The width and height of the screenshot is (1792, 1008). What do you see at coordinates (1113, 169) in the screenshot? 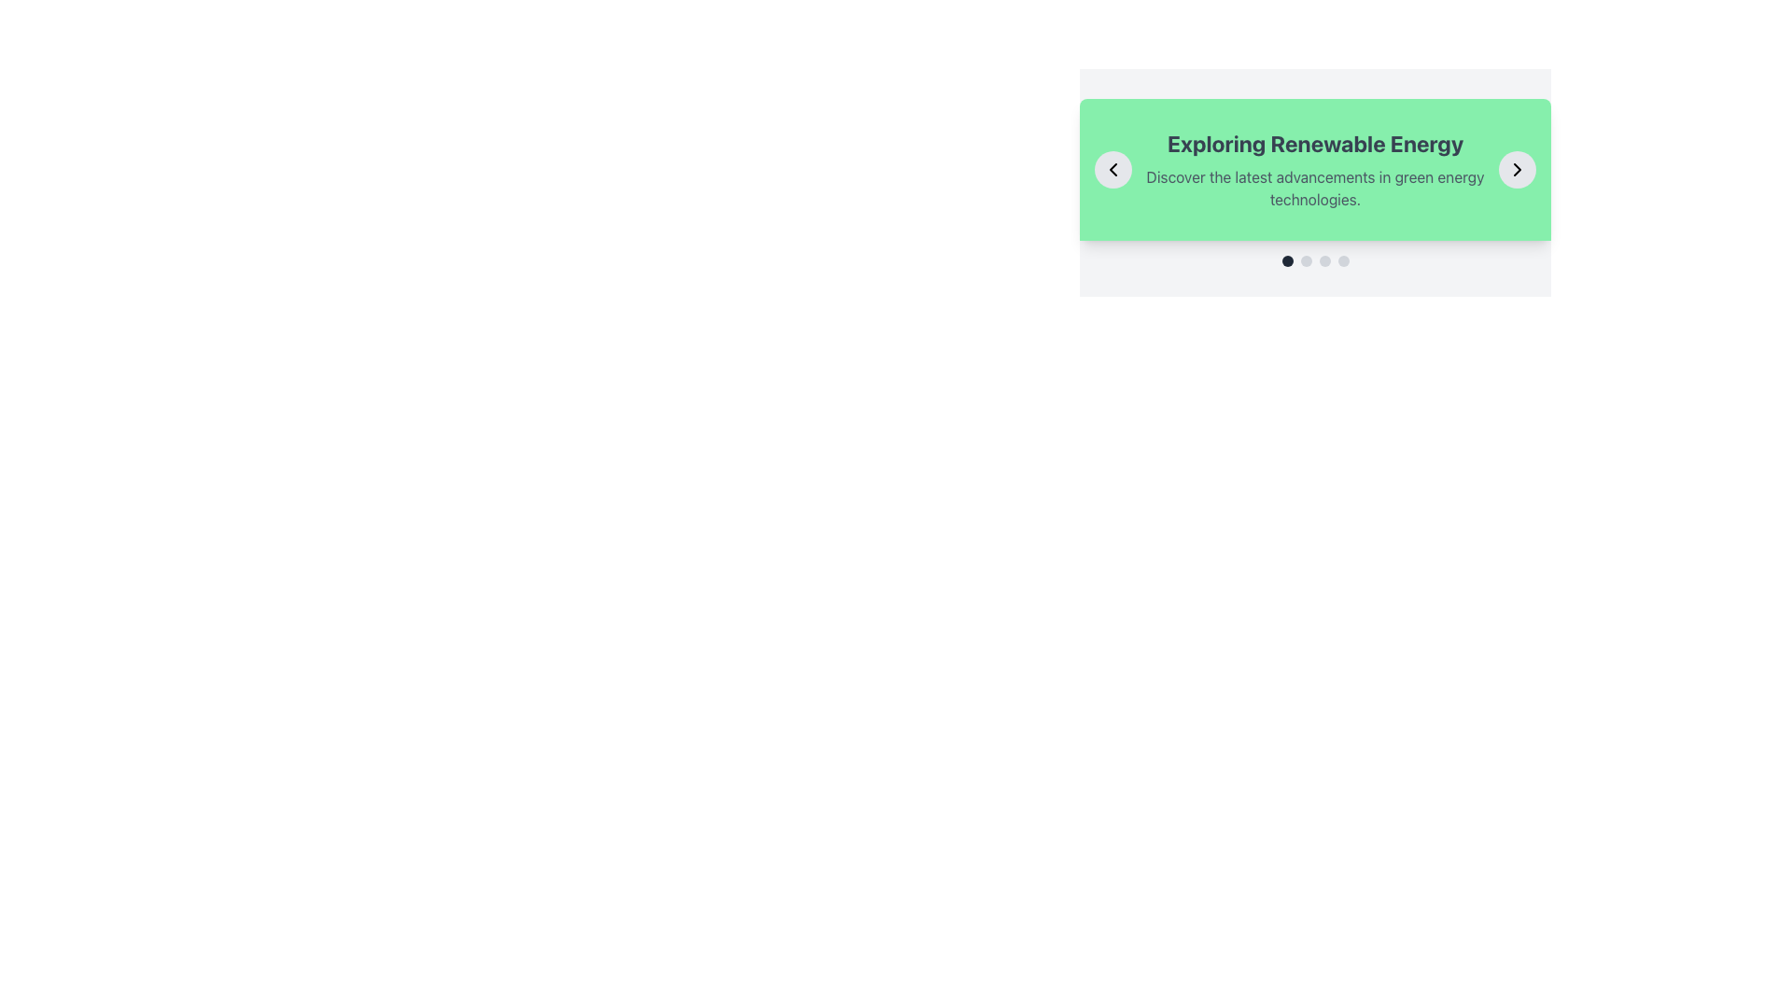
I see `the Left-chevron navigation button located within the green card area` at bounding box center [1113, 169].